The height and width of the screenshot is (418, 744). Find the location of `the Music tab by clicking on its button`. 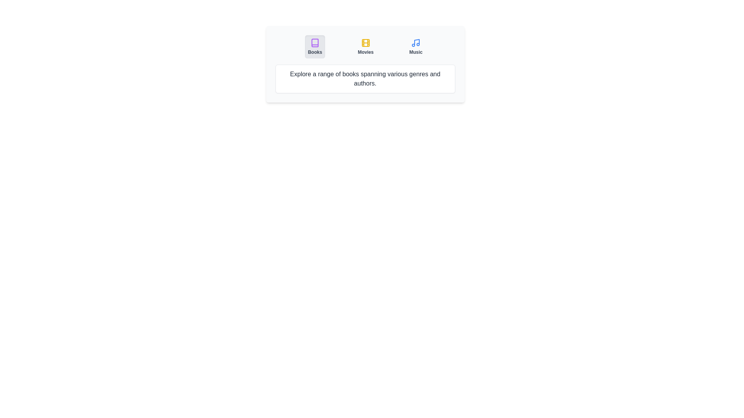

the Music tab by clicking on its button is located at coordinates (415, 46).